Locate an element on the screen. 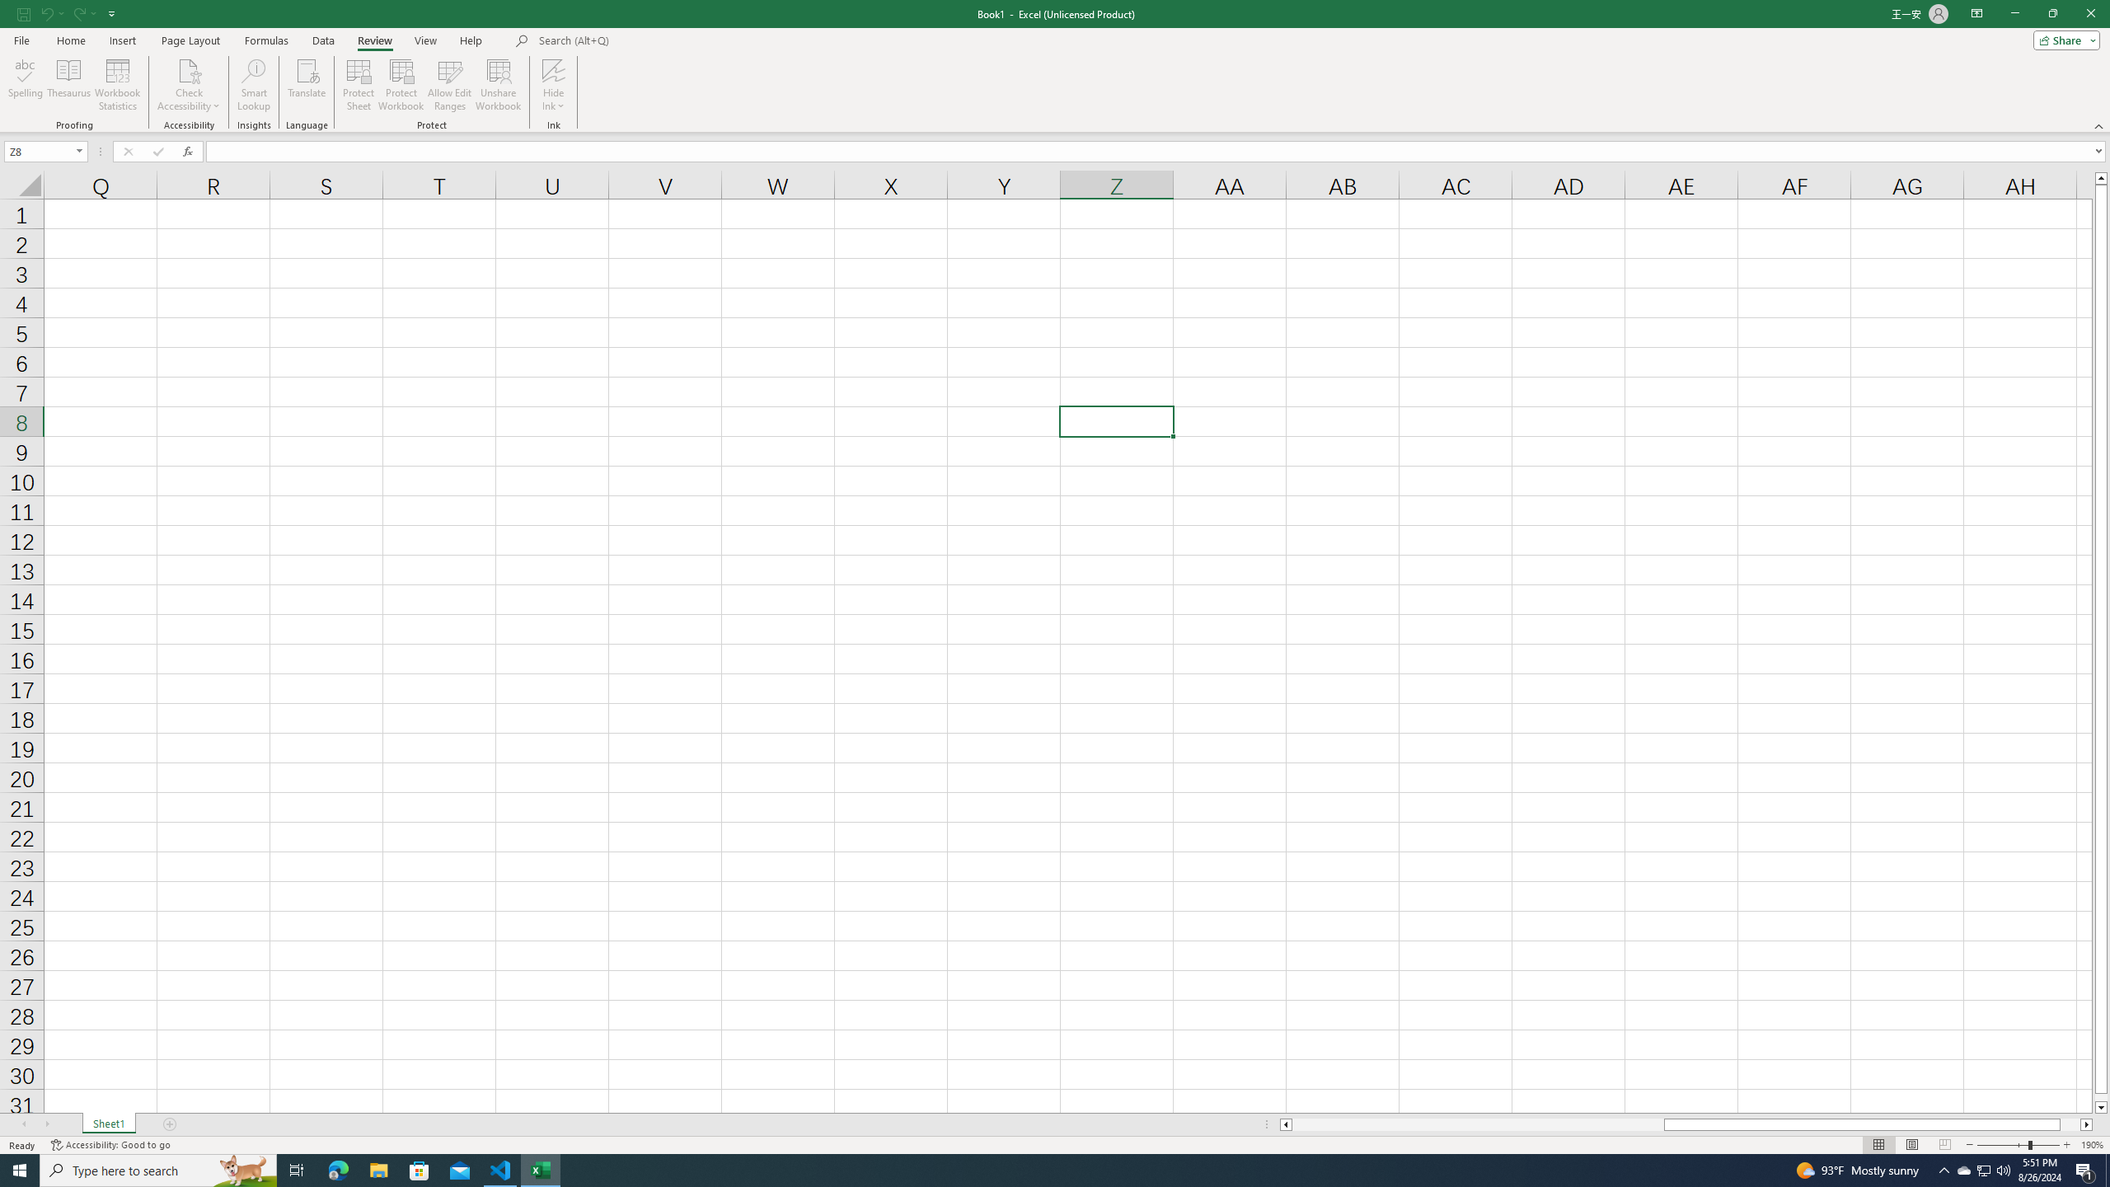  'Protect Workbook...' is located at coordinates (401, 85).